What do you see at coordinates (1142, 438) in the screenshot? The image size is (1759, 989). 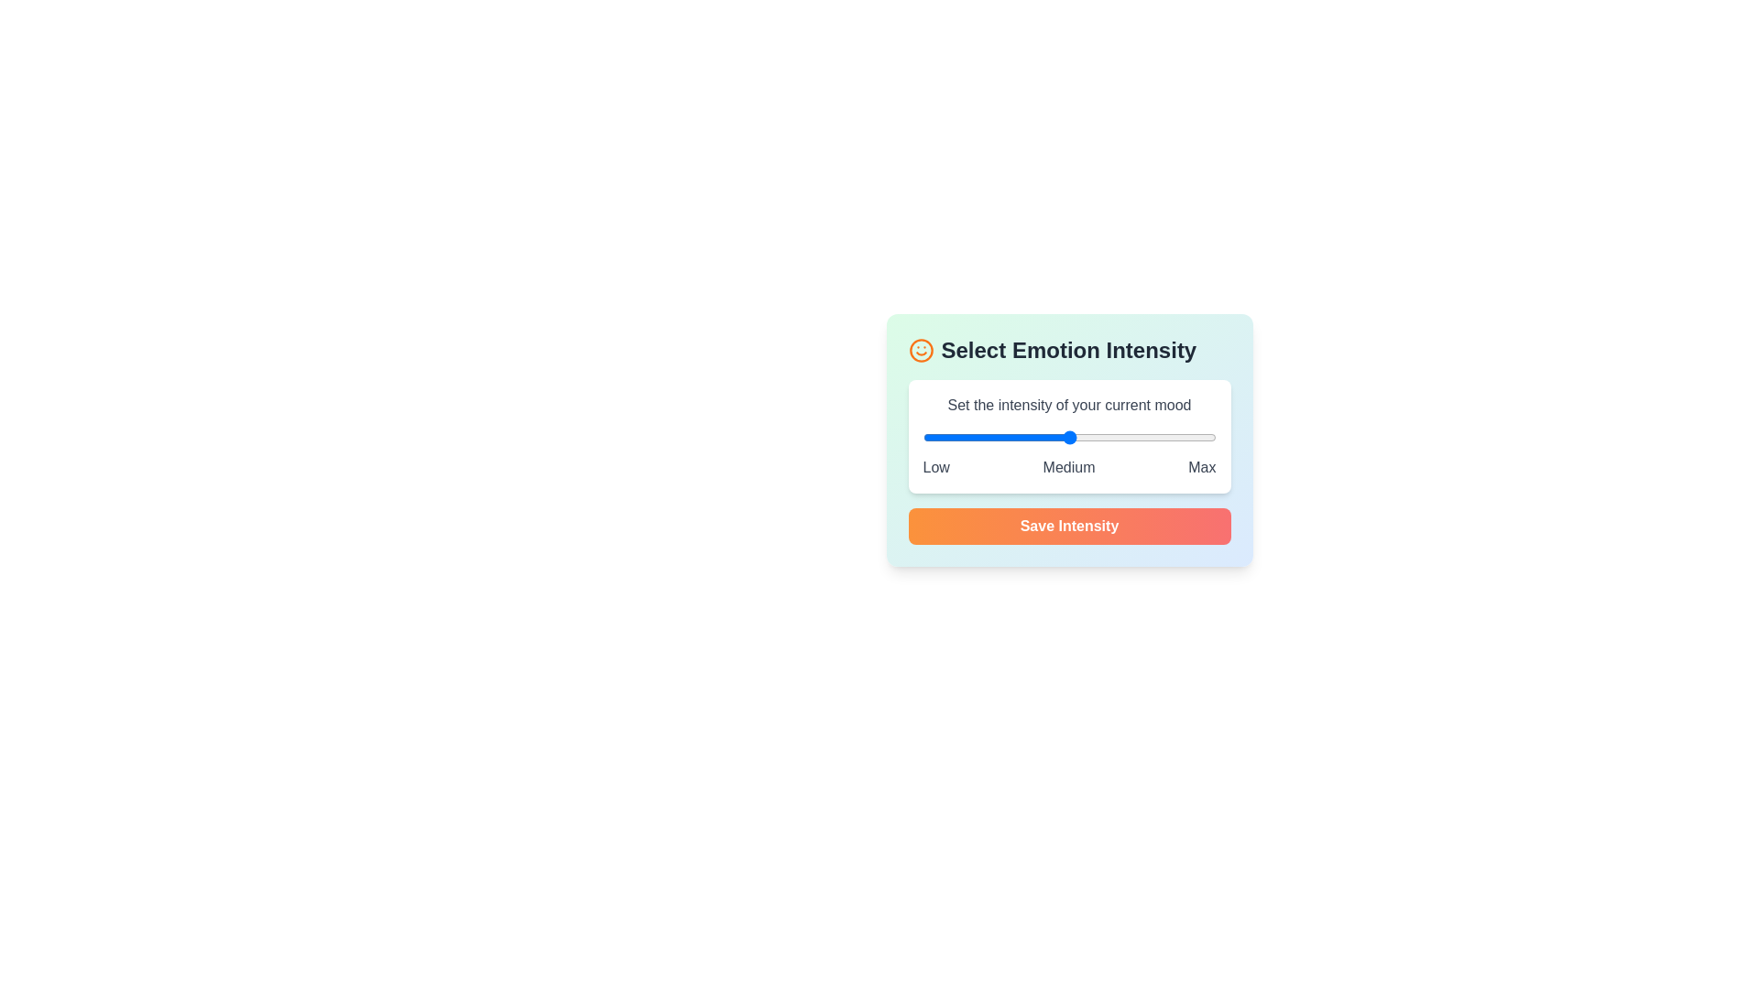 I see `the intensity slider to set the mood level to 4` at bounding box center [1142, 438].